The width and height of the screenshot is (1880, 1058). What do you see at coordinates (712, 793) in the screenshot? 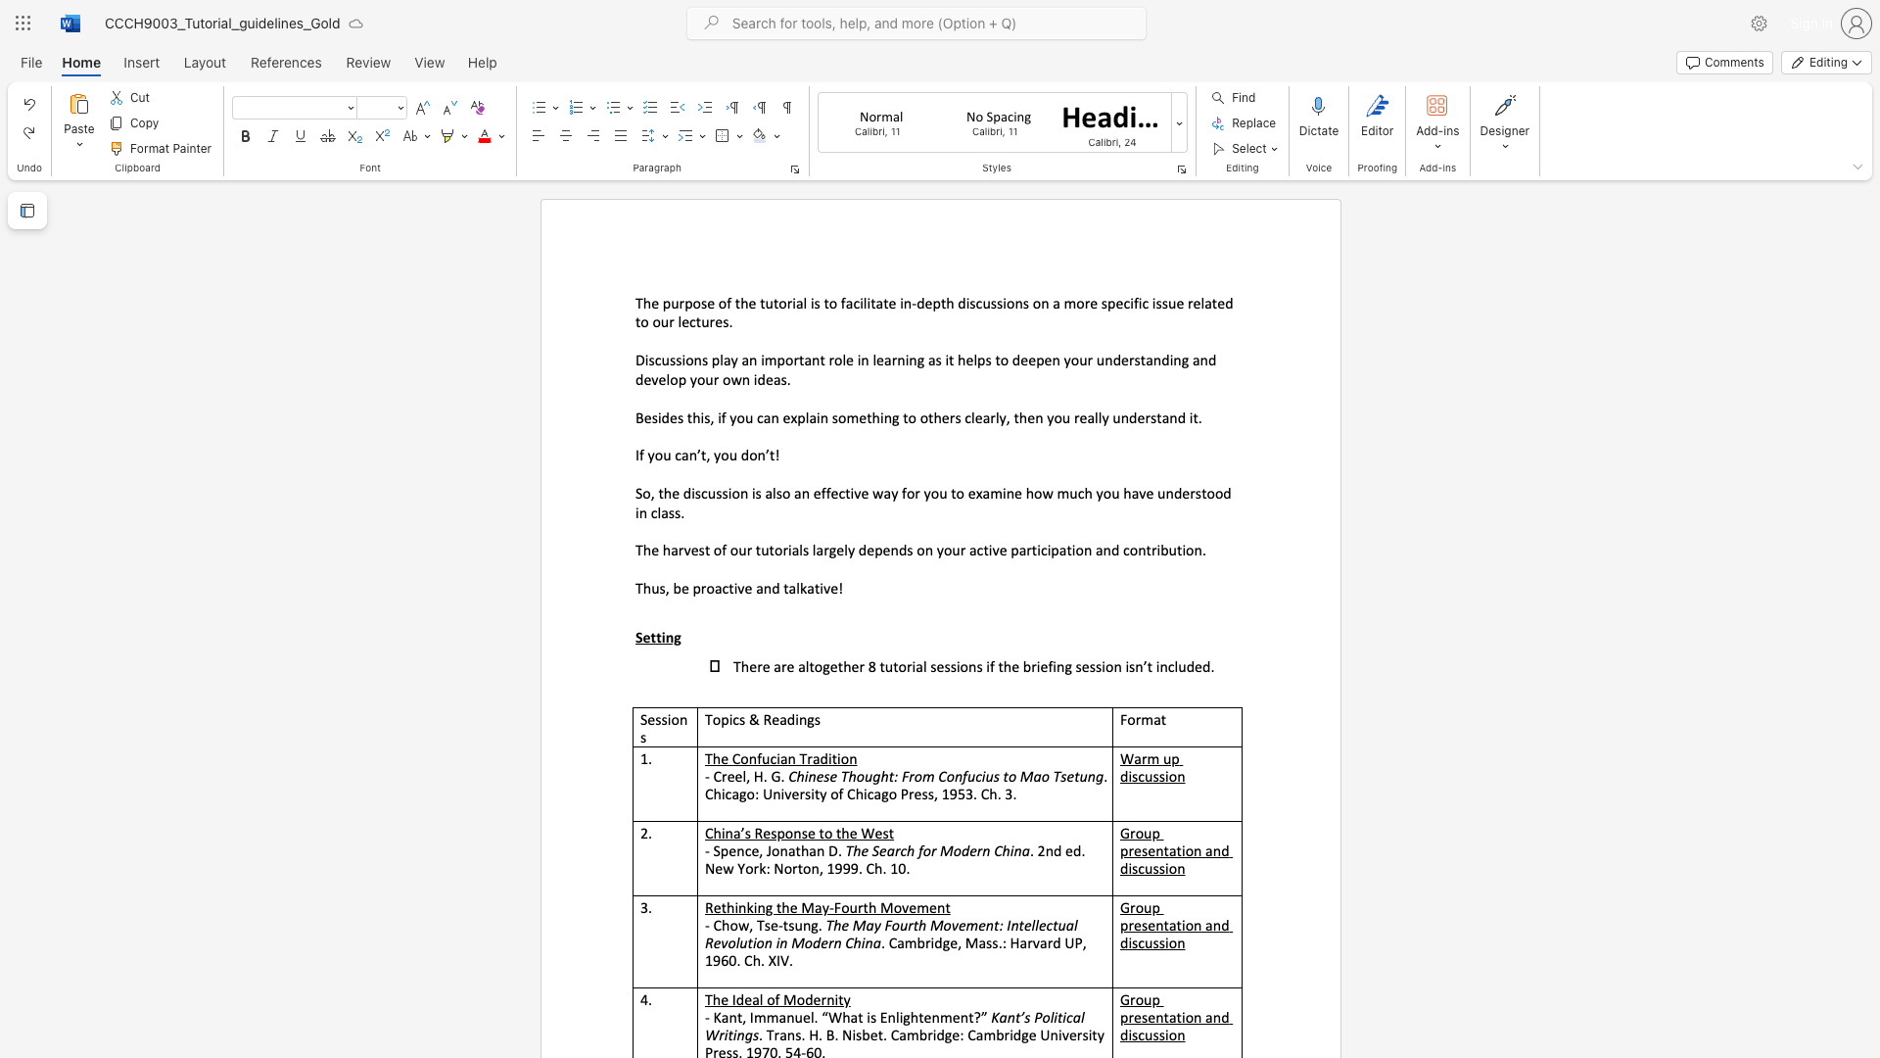
I see `the subset text "hicago: University of Chicago Press, 19" within the text ". Chicago: University of Chicago Press, 1953. Ch. 3."` at bounding box center [712, 793].